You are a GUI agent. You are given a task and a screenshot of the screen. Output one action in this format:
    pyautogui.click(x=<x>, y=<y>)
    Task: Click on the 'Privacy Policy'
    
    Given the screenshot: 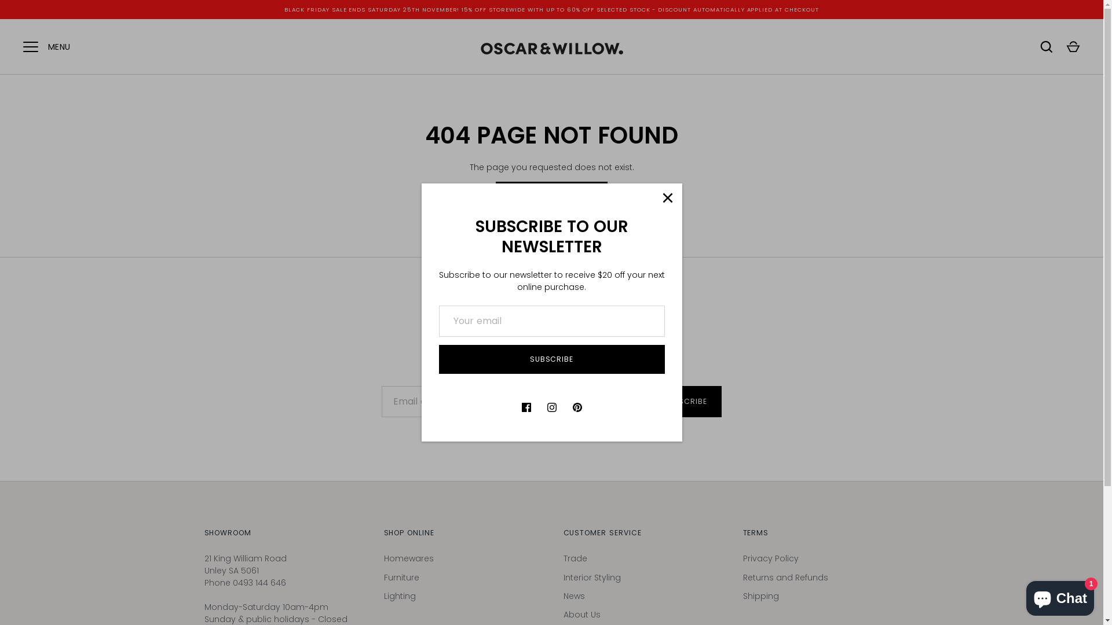 What is the action you would take?
    pyautogui.click(x=770, y=557)
    